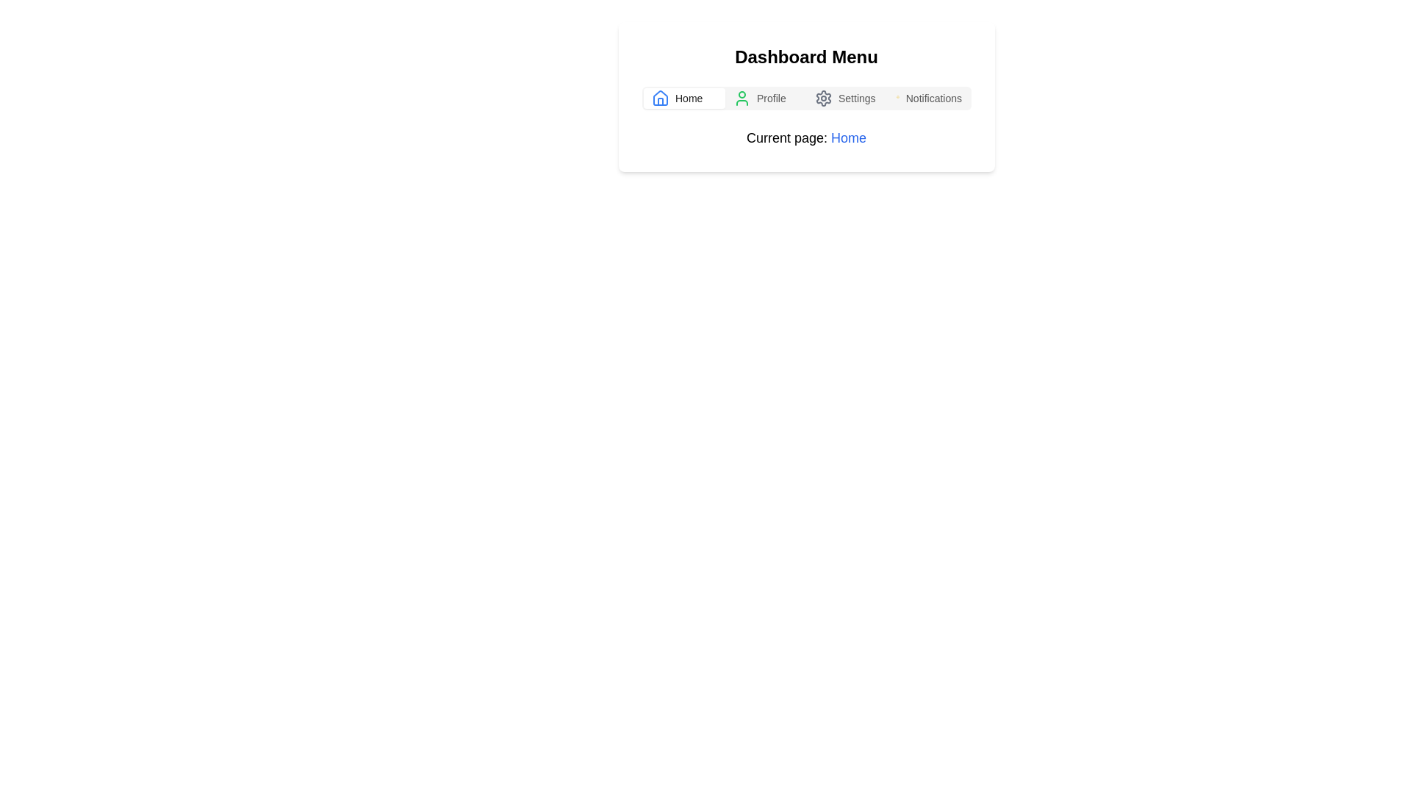  I want to click on the gear icon located to the left of the 'Settings' label, so click(823, 99).